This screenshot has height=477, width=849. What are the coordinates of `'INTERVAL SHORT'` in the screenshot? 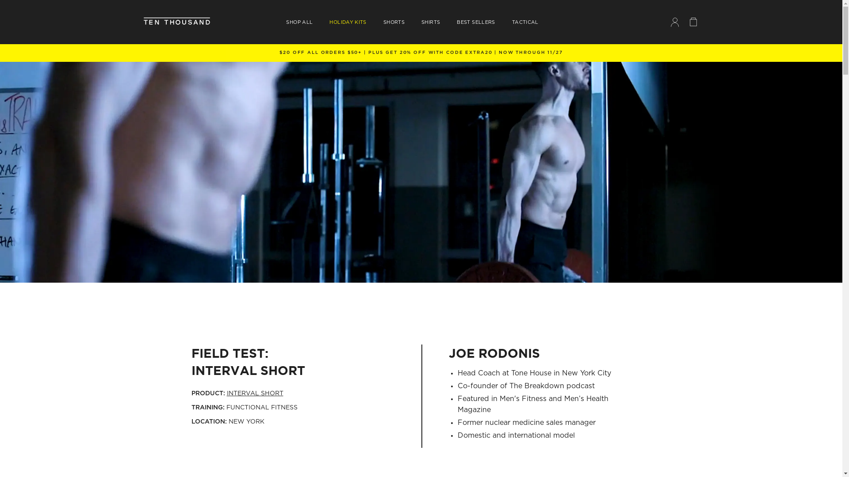 It's located at (254, 393).